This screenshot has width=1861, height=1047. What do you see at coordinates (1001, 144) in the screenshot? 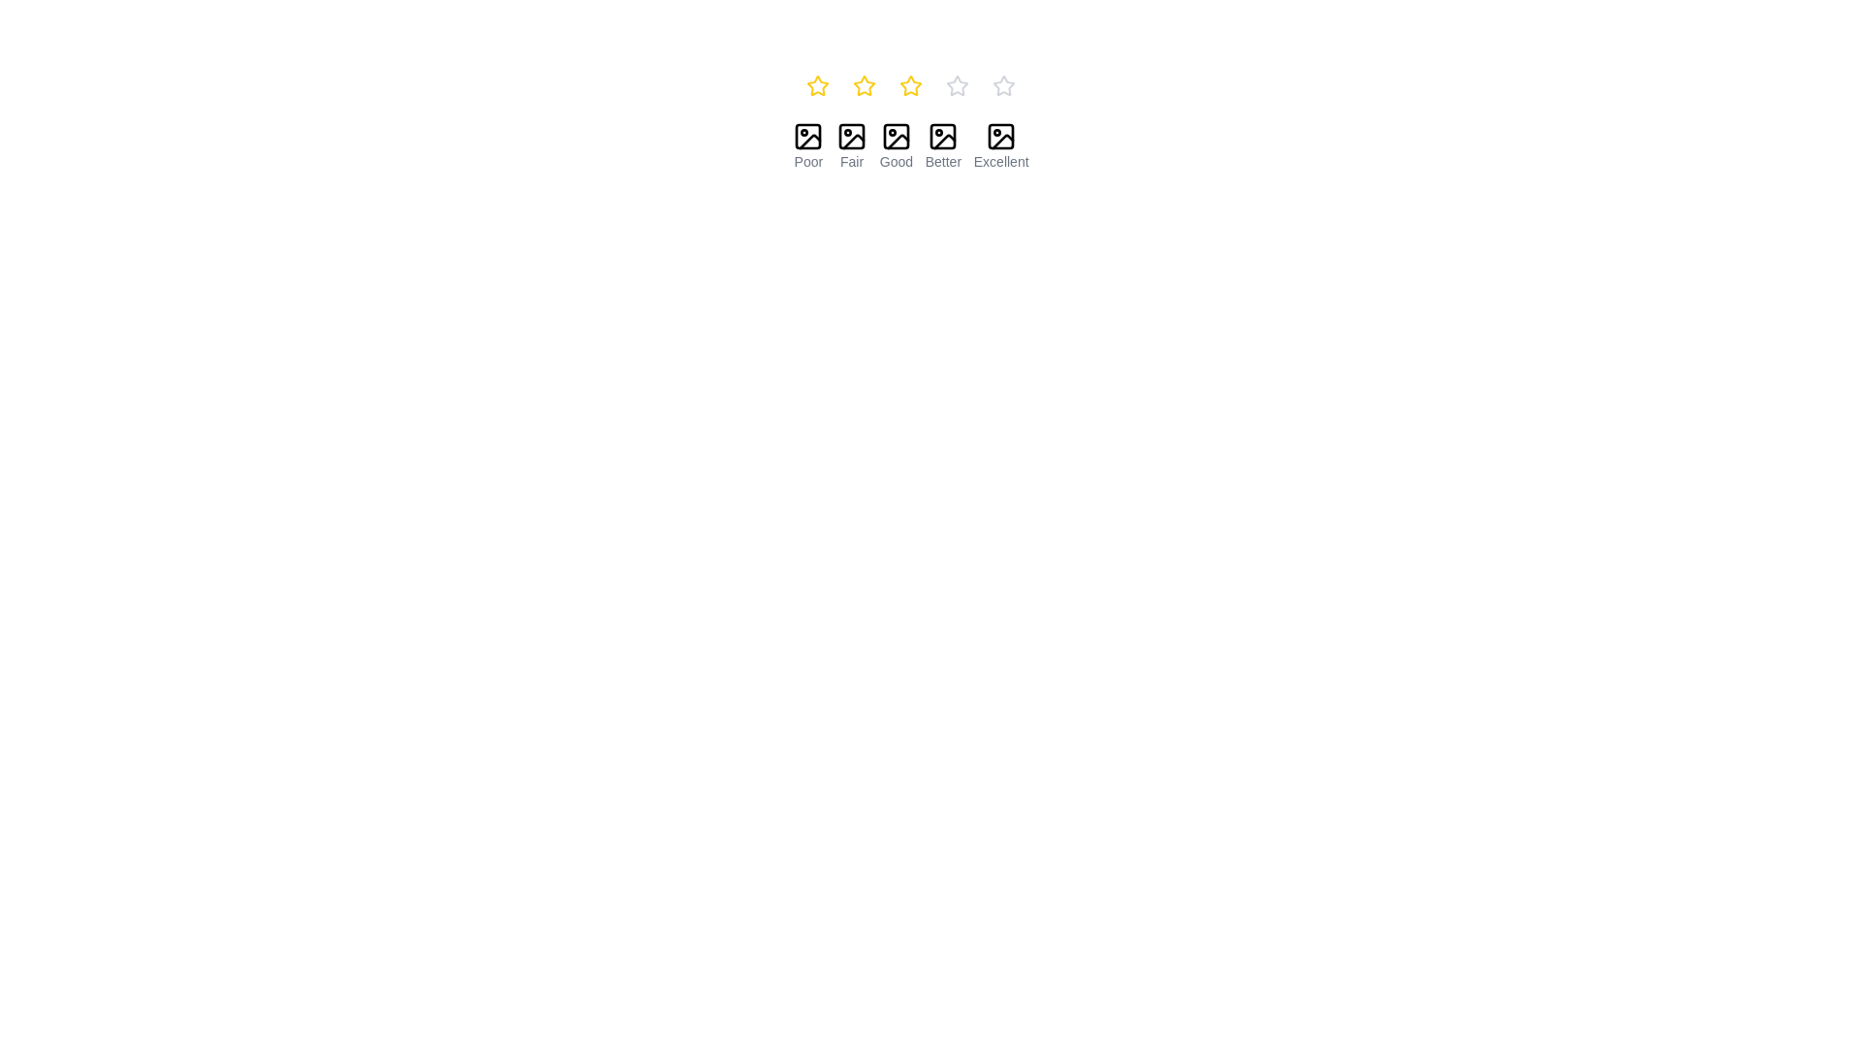
I see `the label with the icon of a photo and the text 'Excellent', which is the fifth element in a horizontal row of five similar labels` at bounding box center [1001, 144].